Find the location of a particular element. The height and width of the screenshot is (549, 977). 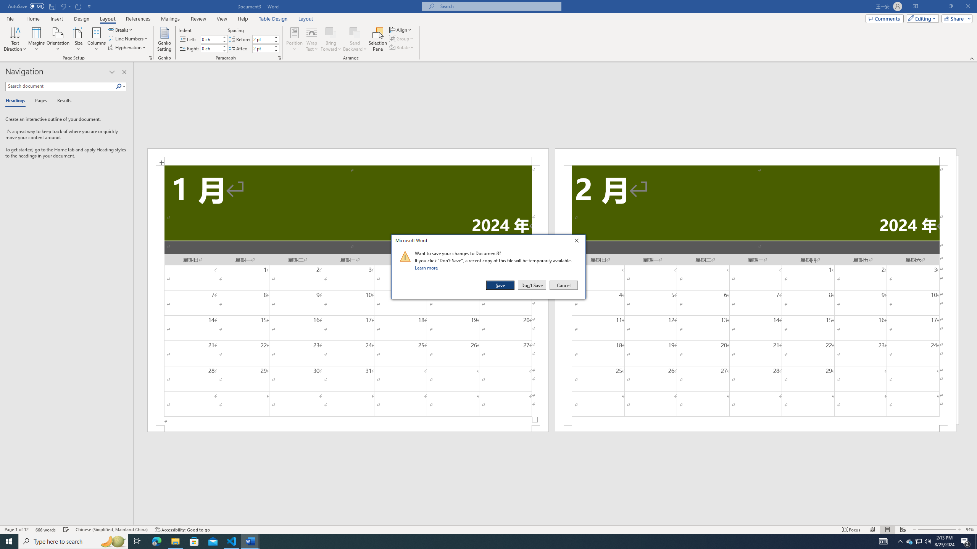

'Send Backward' is located at coordinates (355, 39).